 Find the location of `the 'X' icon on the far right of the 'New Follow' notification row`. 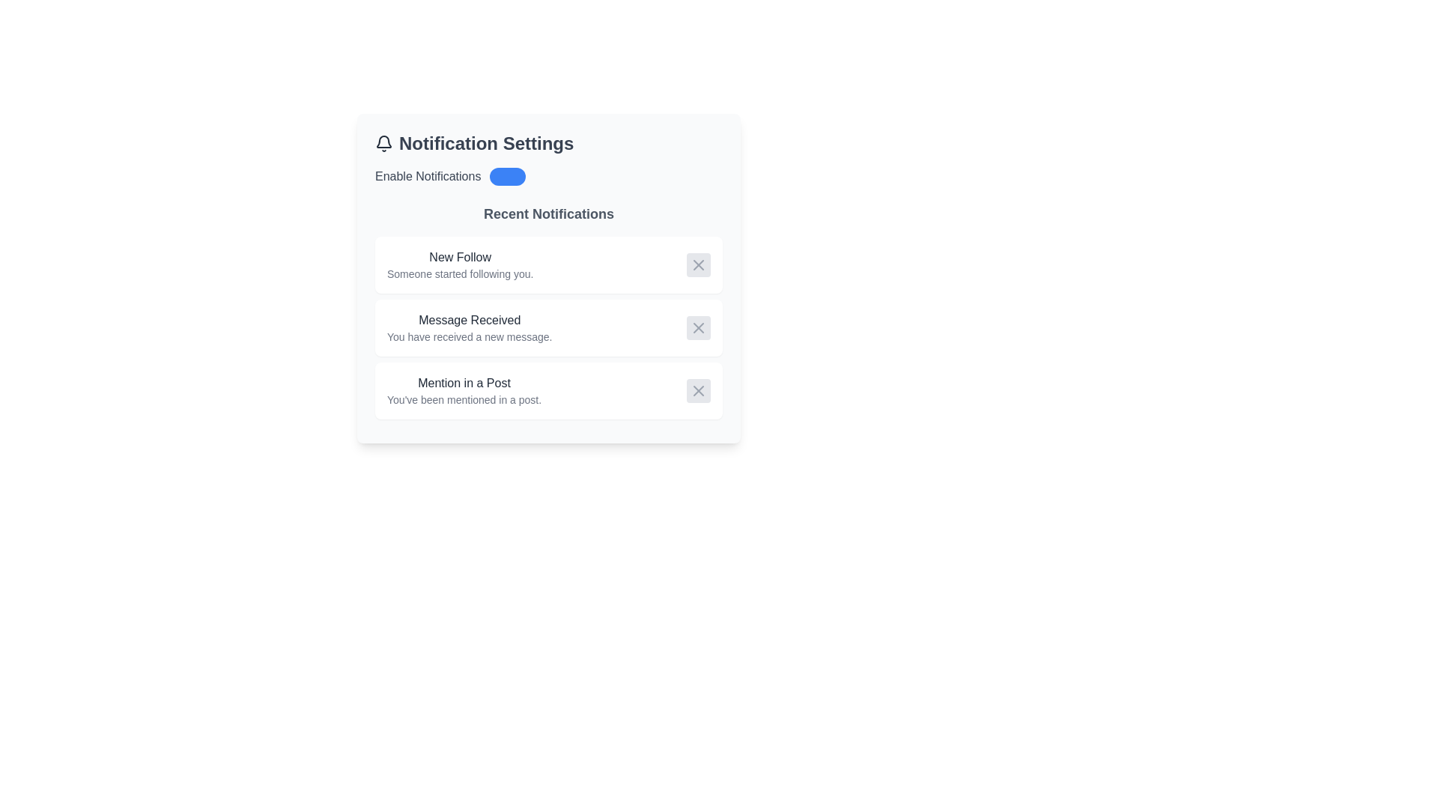

the 'X' icon on the far right of the 'New Follow' notification row is located at coordinates (697, 264).